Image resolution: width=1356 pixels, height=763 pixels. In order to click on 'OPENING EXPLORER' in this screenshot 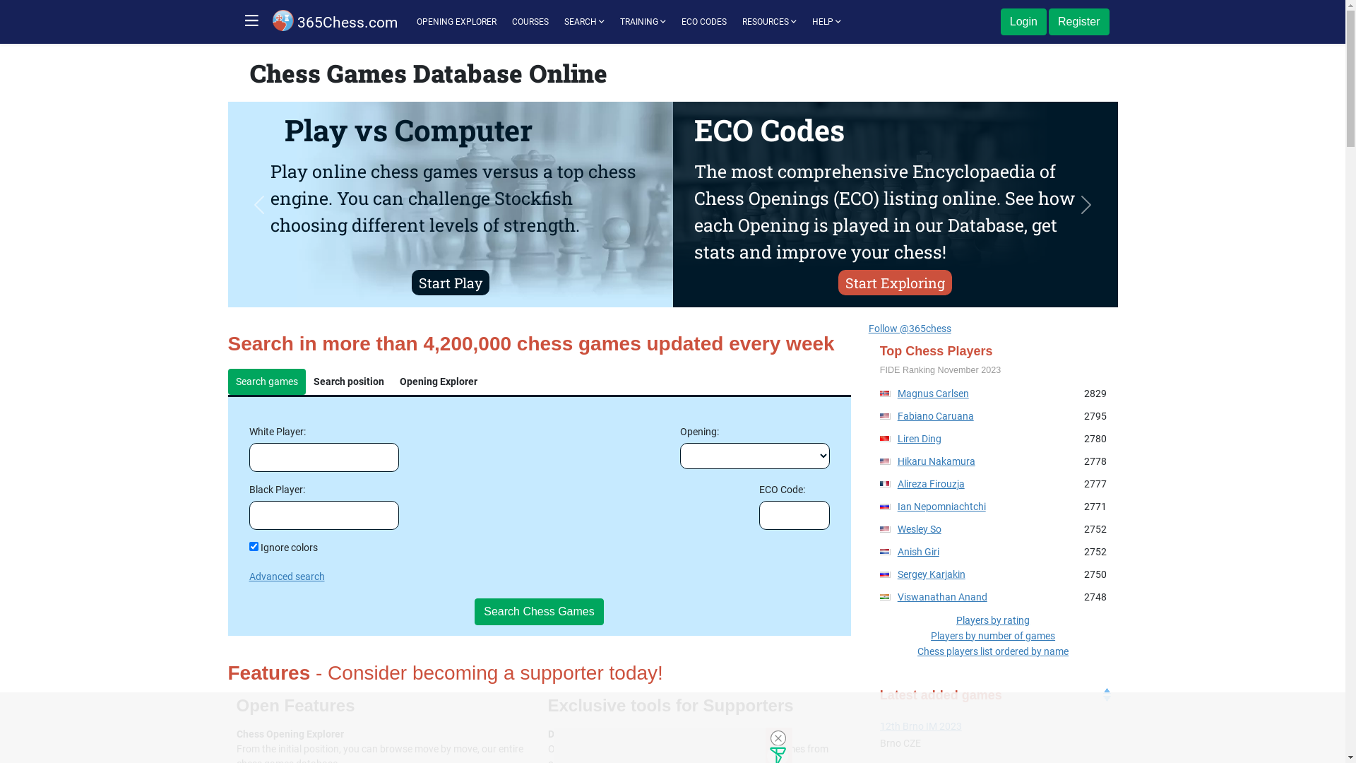, I will do `click(456, 21)`.